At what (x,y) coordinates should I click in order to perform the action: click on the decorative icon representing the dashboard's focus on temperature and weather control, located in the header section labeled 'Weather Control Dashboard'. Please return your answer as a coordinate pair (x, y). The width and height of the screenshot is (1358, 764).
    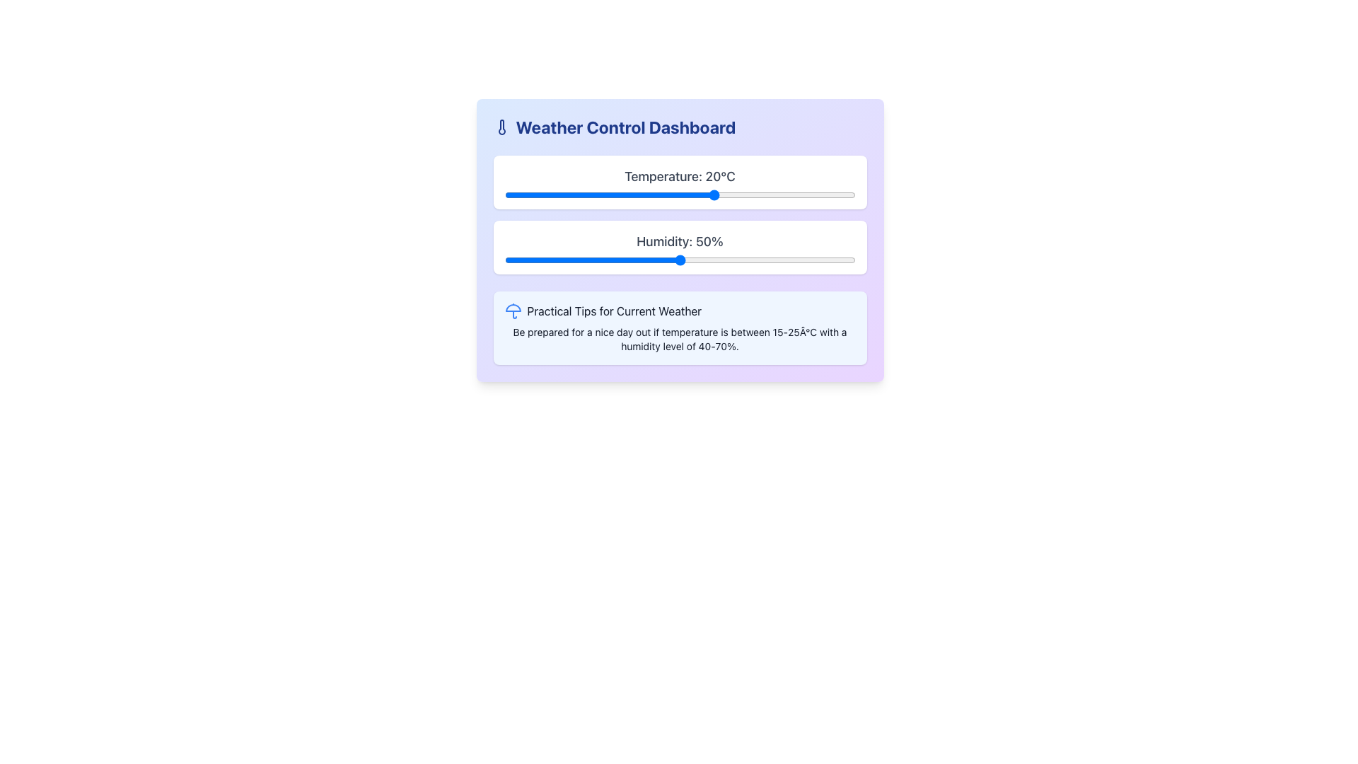
    Looking at the image, I should click on (501, 127).